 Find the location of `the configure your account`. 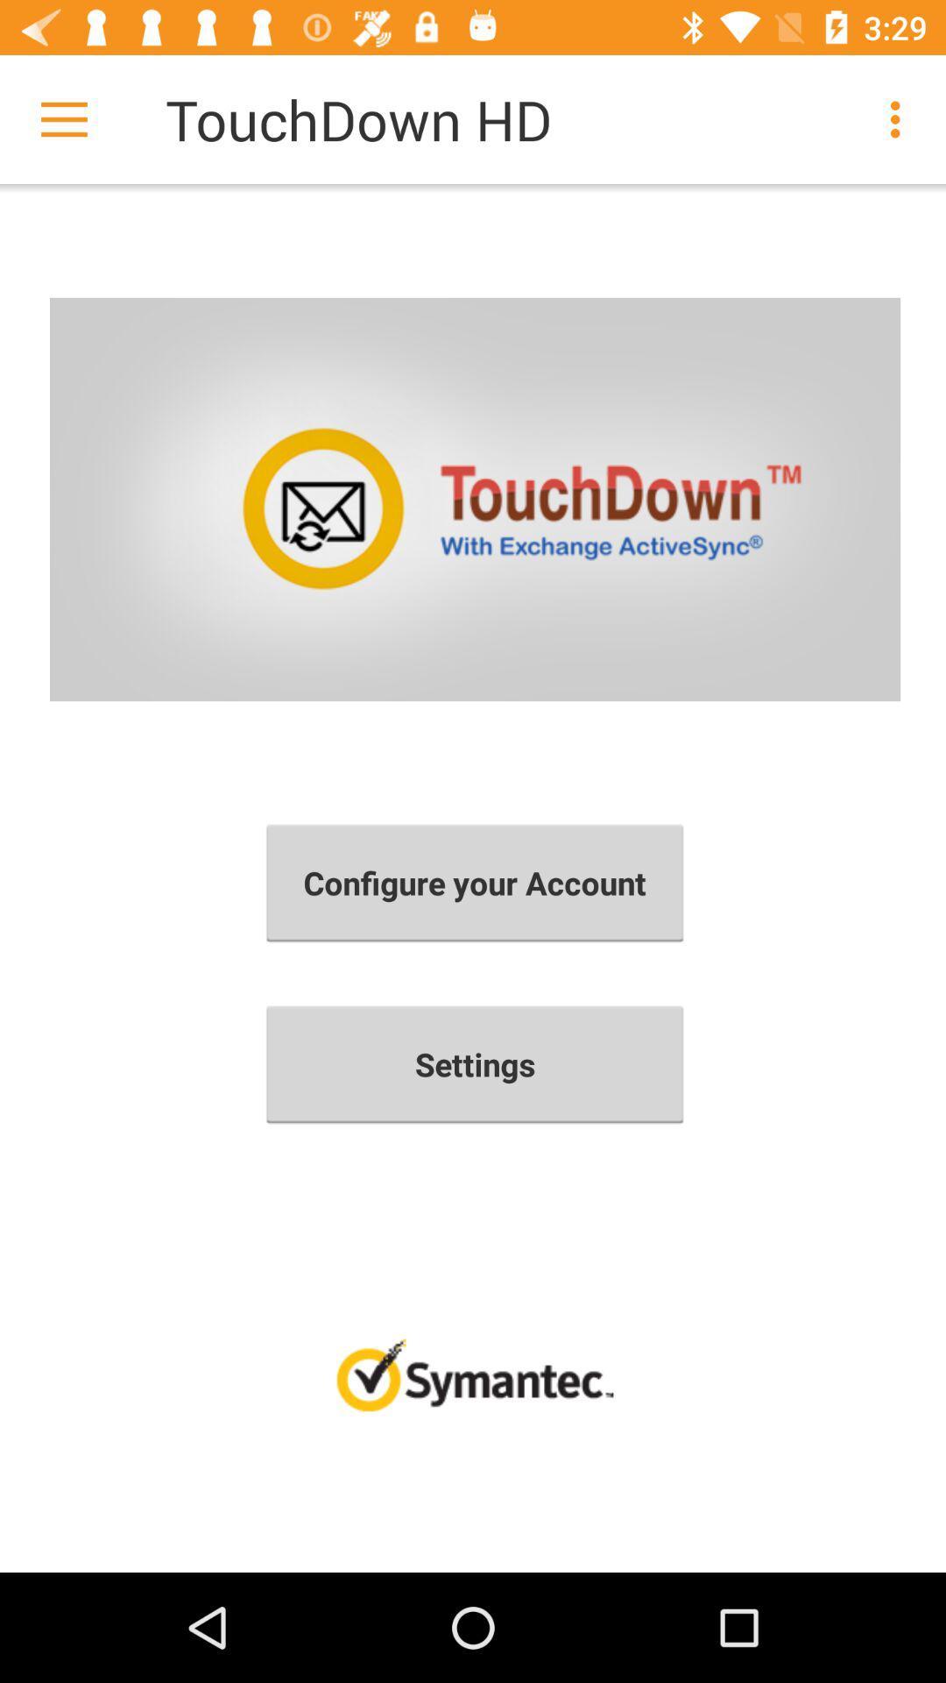

the configure your account is located at coordinates (475, 883).